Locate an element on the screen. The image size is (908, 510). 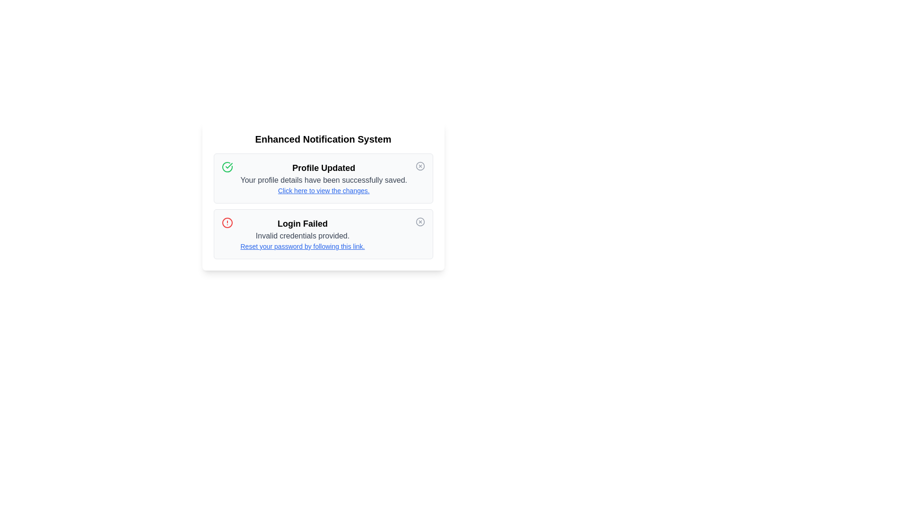
the link inside the alert with title Login Failed is located at coordinates (302, 246).